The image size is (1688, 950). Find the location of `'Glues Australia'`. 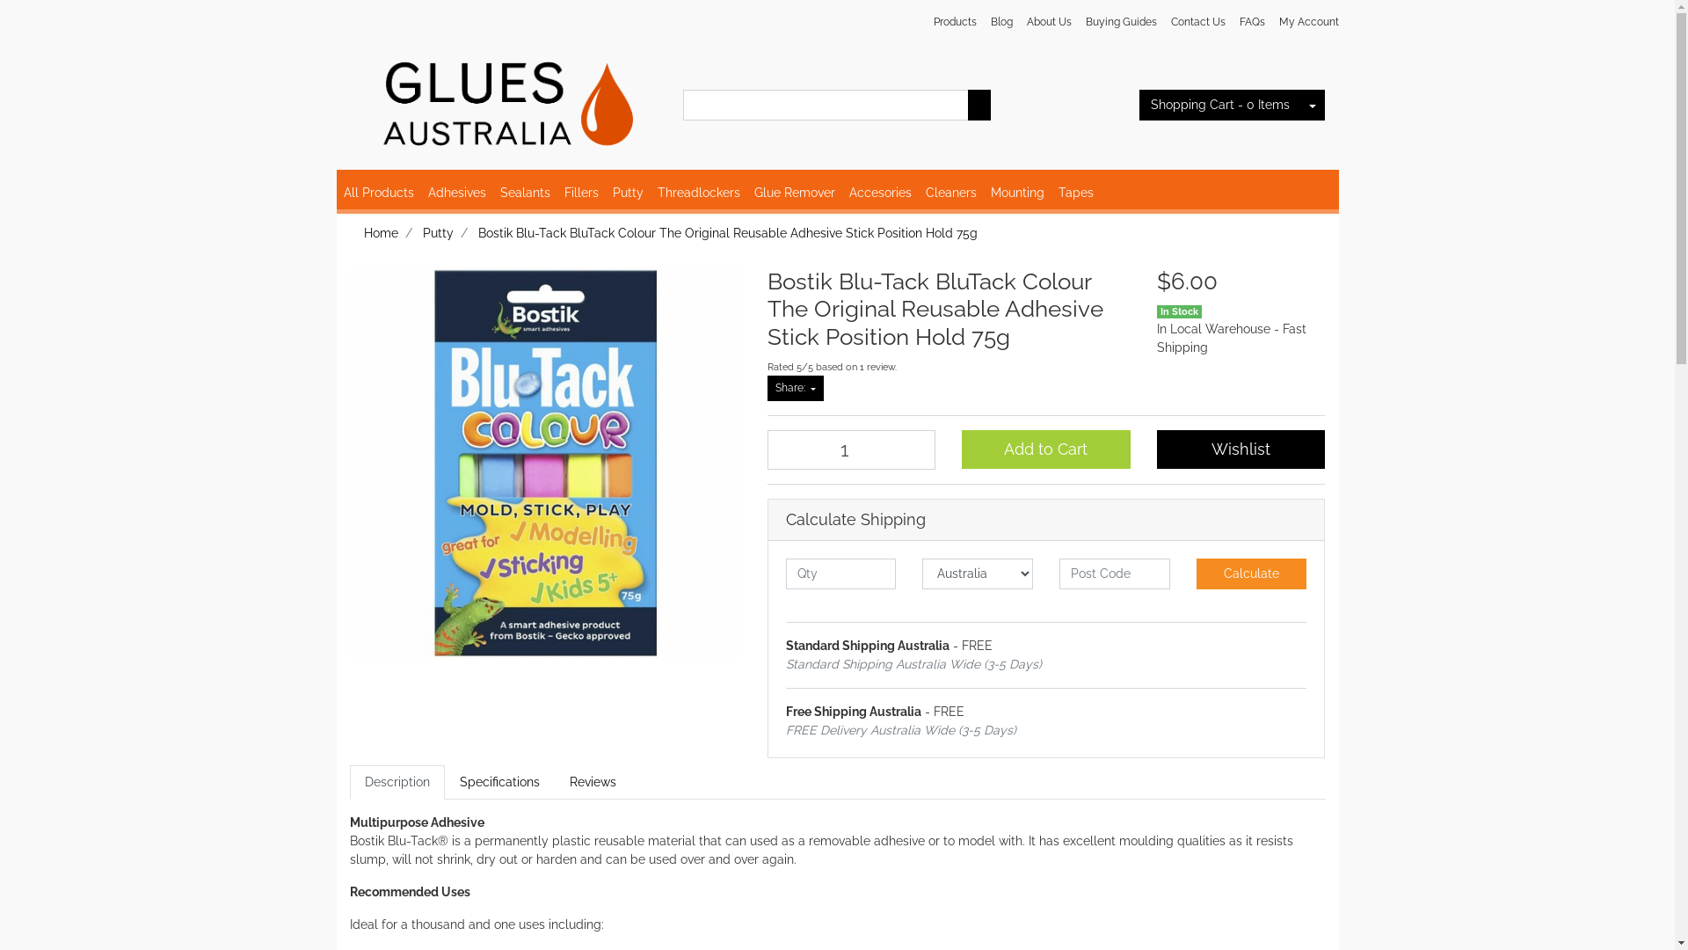

'Glues Australia' is located at coordinates (502, 97).